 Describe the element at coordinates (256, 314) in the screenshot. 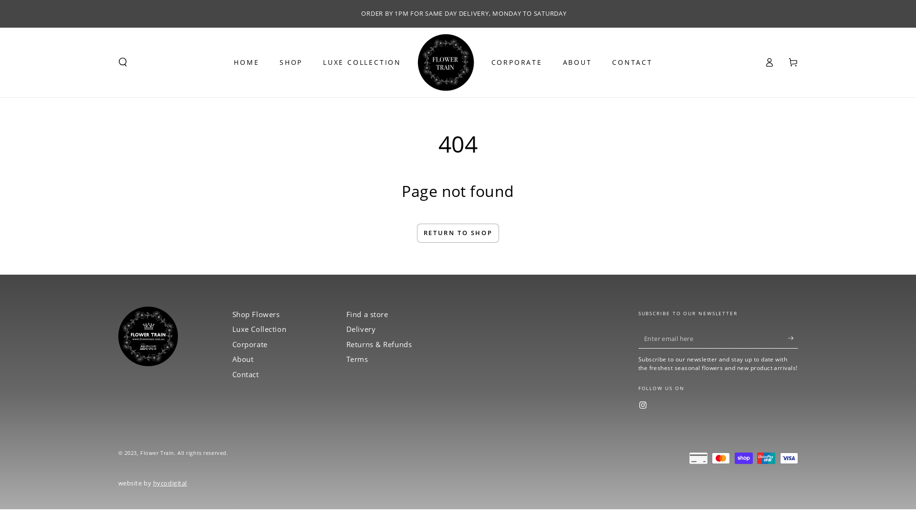

I see `'Shop Flowers'` at that location.